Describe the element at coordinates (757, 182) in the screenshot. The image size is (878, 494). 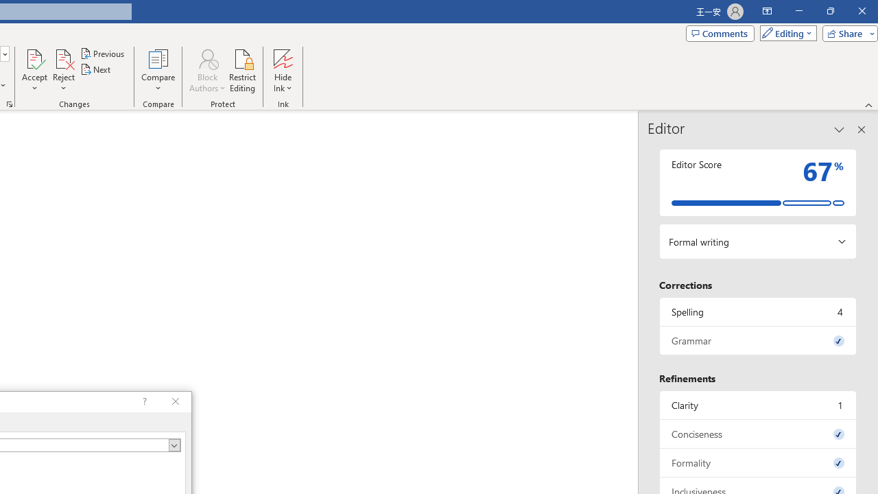
I see `'Editor Score 67%'` at that location.